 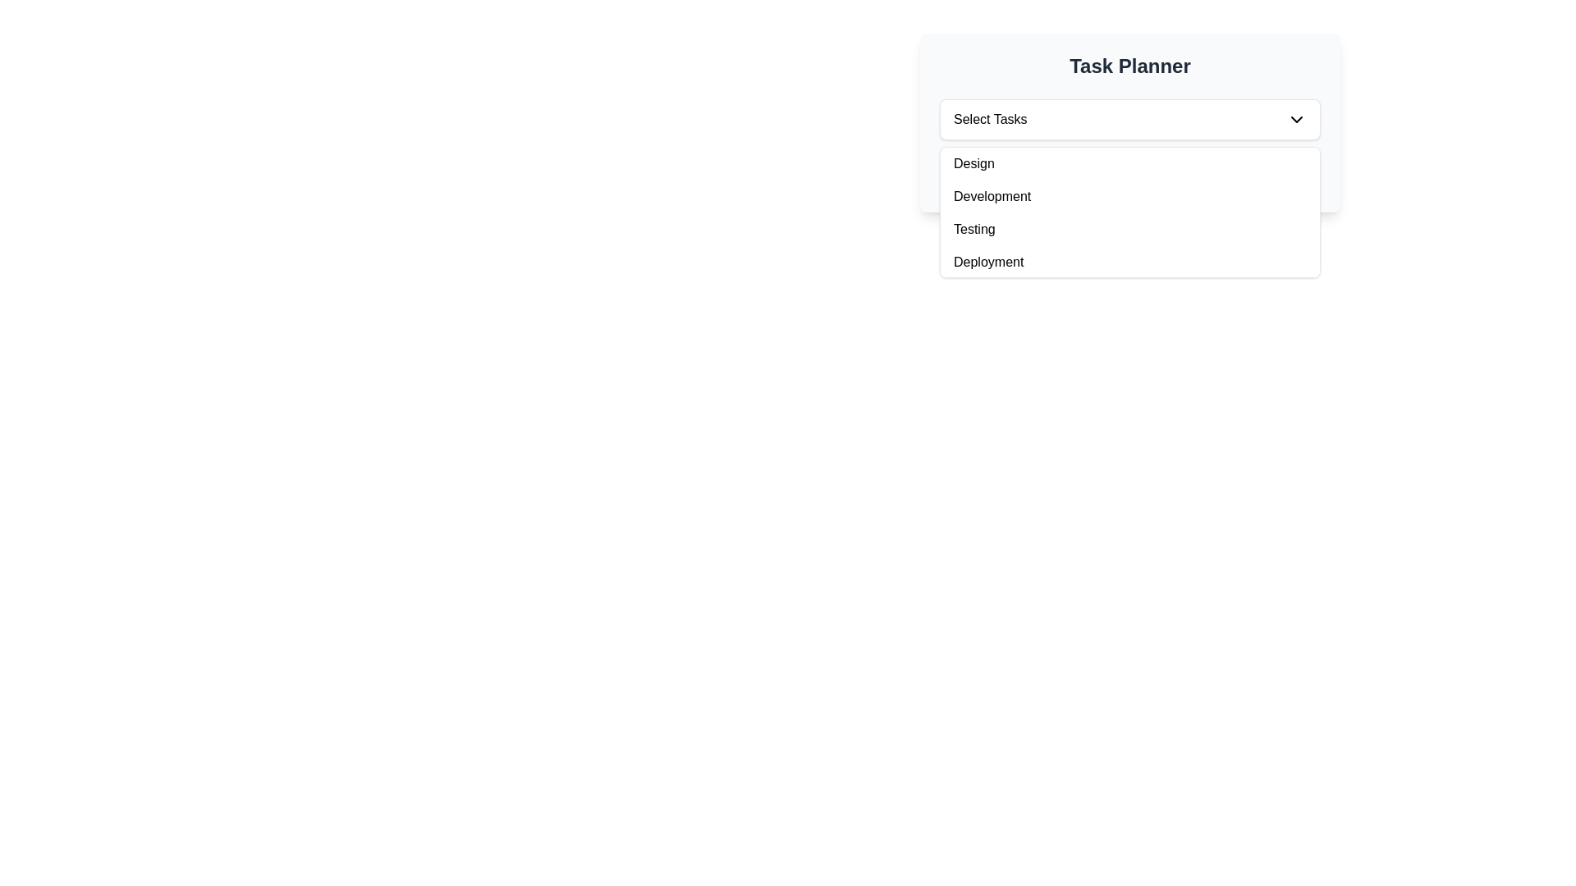 I want to click on the downward-facing chevron icon, which is part of the 'Select Tasks' dropdown button, so click(x=1295, y=119).